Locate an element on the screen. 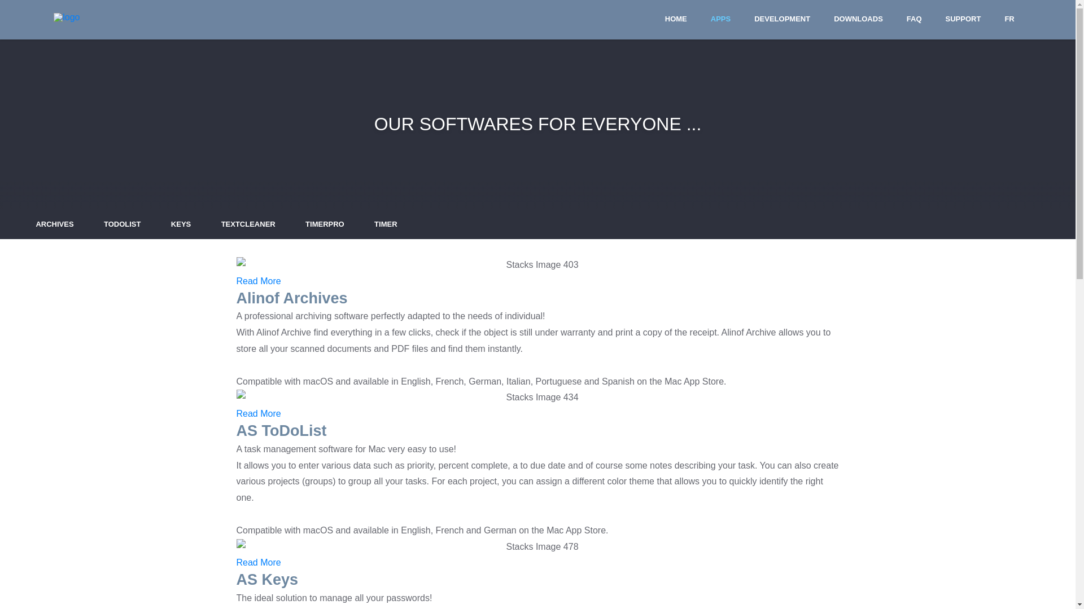 This screenshot has height=609, width=1084. 'FAQ' is located at coordinates (914, 19).